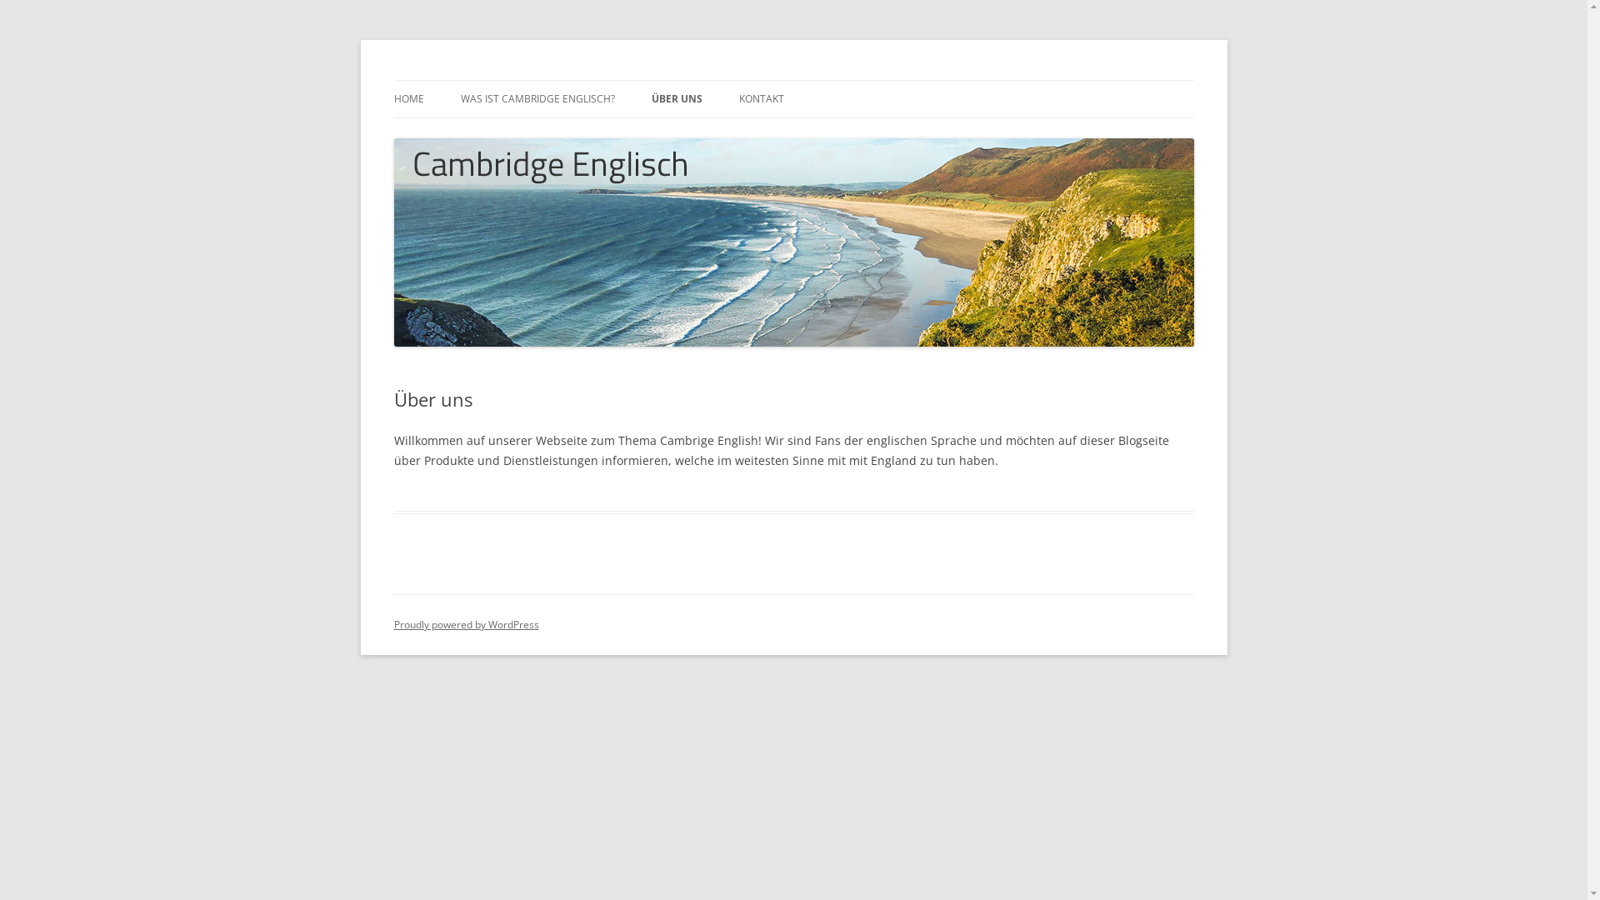 Image resolution: width=1600 pixels, height=900 pixels. What do you see at coordinates (759, 99) in the screenshot?
I see `'KONTAKT'` at bounding box center [759, 99].